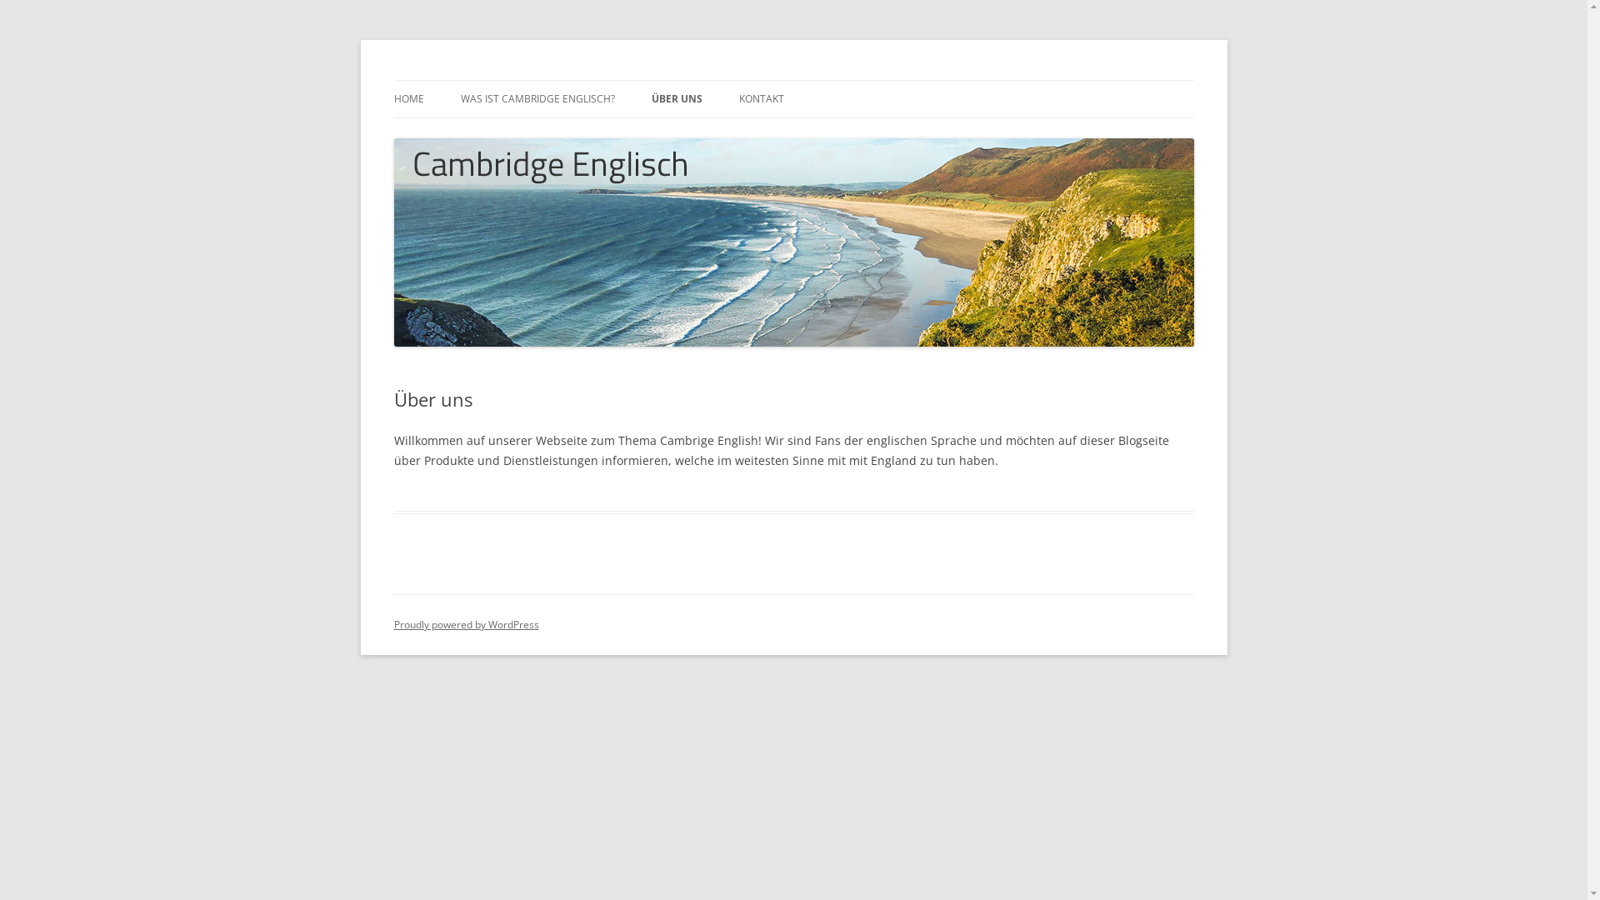 Image resolution: width=1600 pixels, height=900 pixels. What do you see at coordinates (759, 99) in the screenshot?
I see `'KONTAKT'` at bounding box center [759, 99].